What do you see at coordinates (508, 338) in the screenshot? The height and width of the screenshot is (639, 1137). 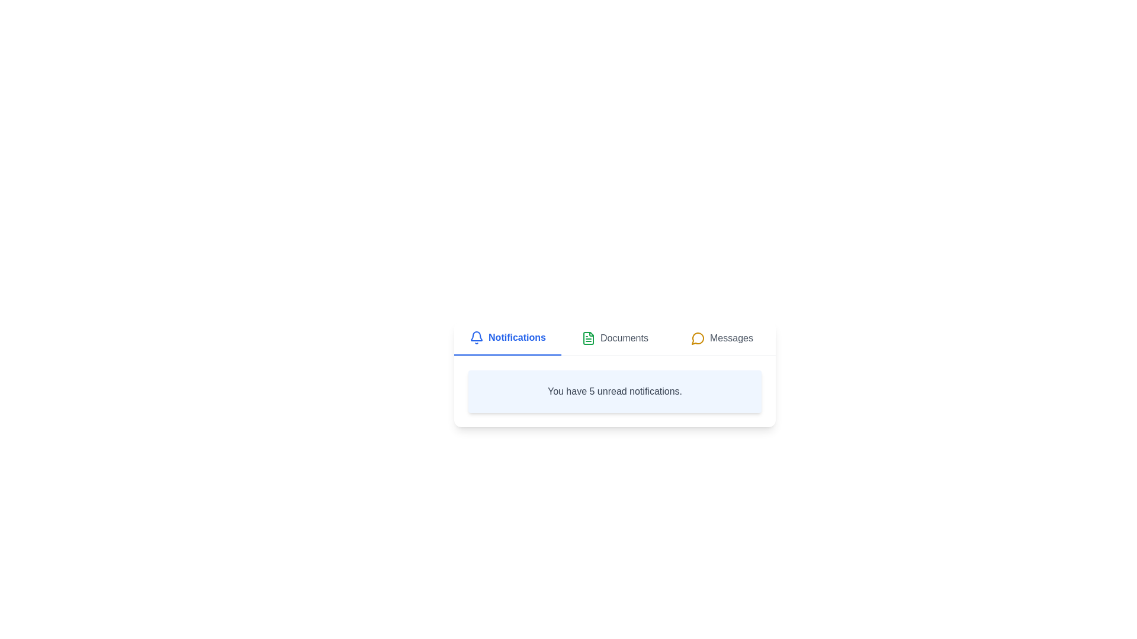 I see `the tab labeled Notifications` at bounding box center [508, 338].